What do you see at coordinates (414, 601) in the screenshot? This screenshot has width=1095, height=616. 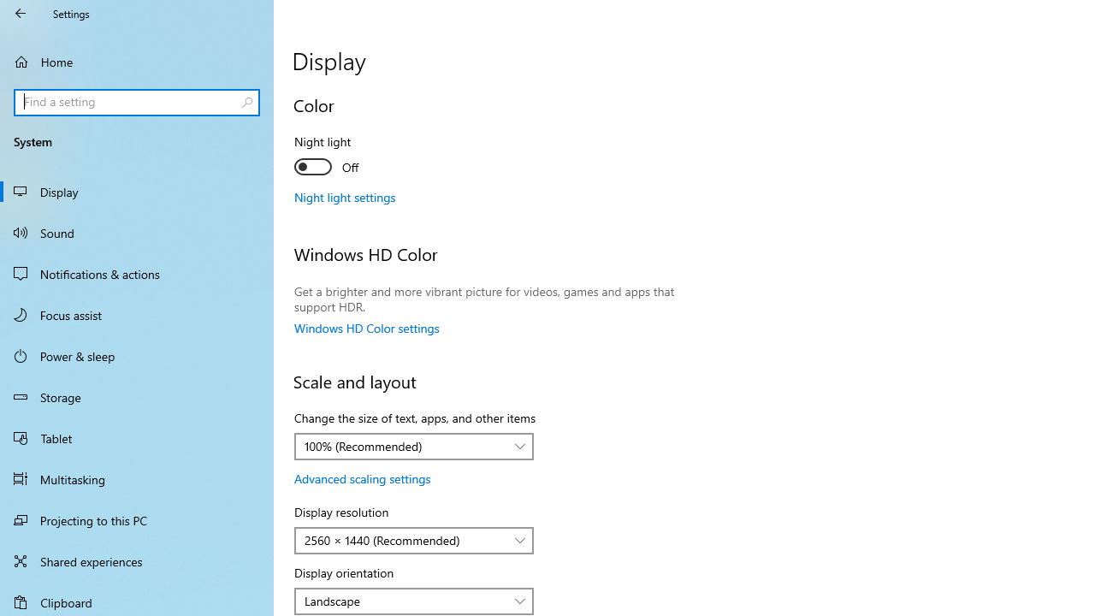 I see `'Display orientation'` at bounding box center [414, 601].